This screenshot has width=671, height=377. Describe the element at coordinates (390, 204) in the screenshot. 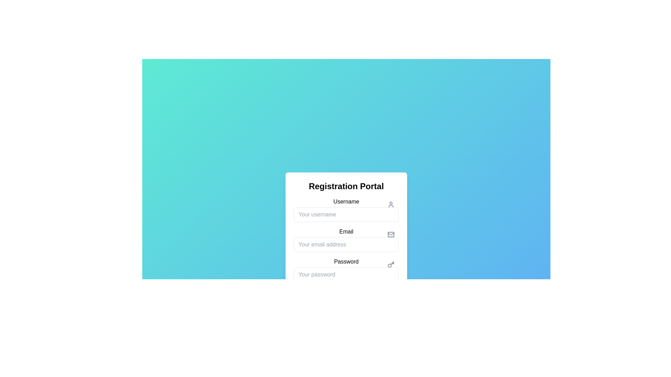

I see `the small user icon, which is styled with a circular head and a semi-circular body, located in the top-right corner of the 'Username' input field` at that location.